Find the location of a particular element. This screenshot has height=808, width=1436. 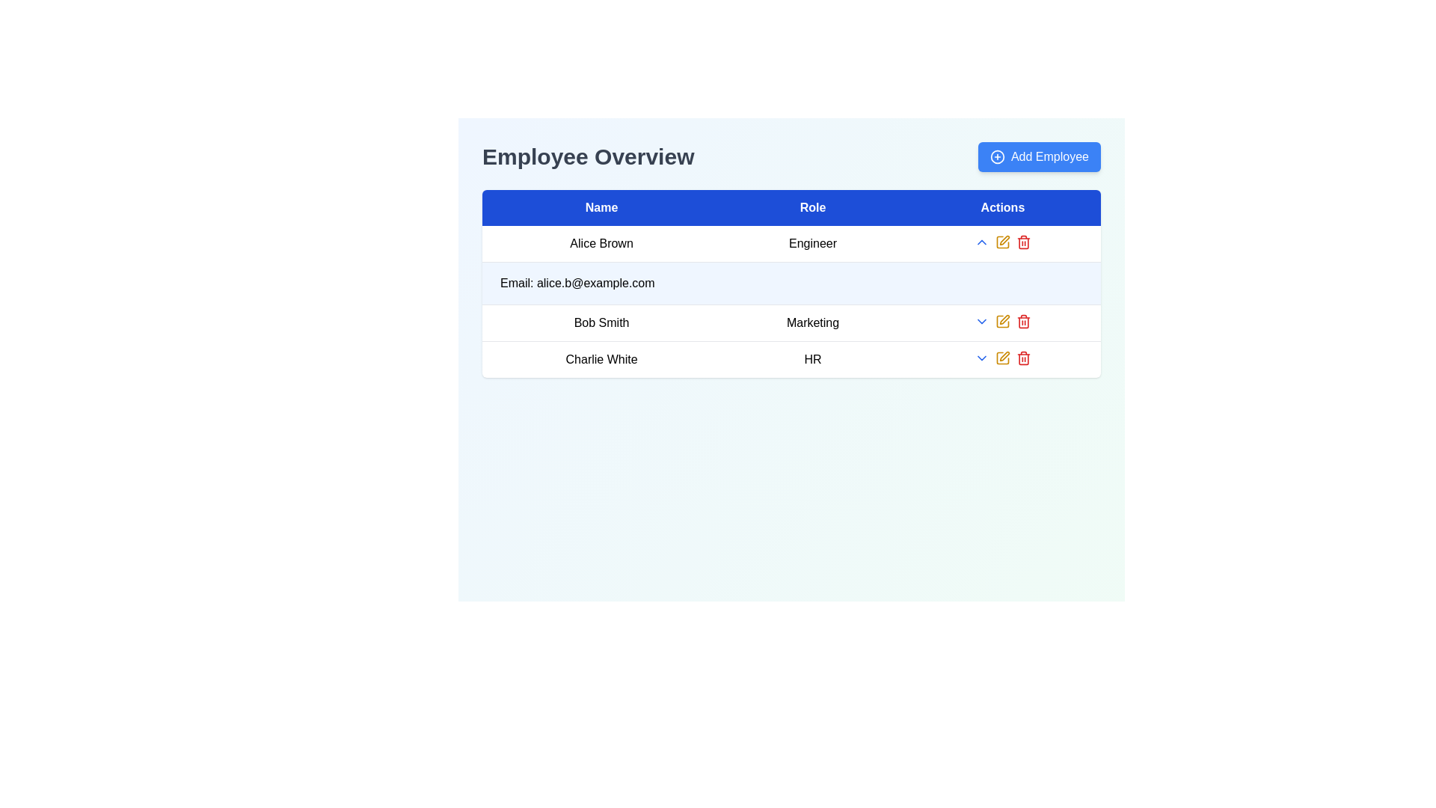

the 'Engineer' label in the Employee Overview section, located in the second column of the first row of the data table is located at coordinates (791, 243).